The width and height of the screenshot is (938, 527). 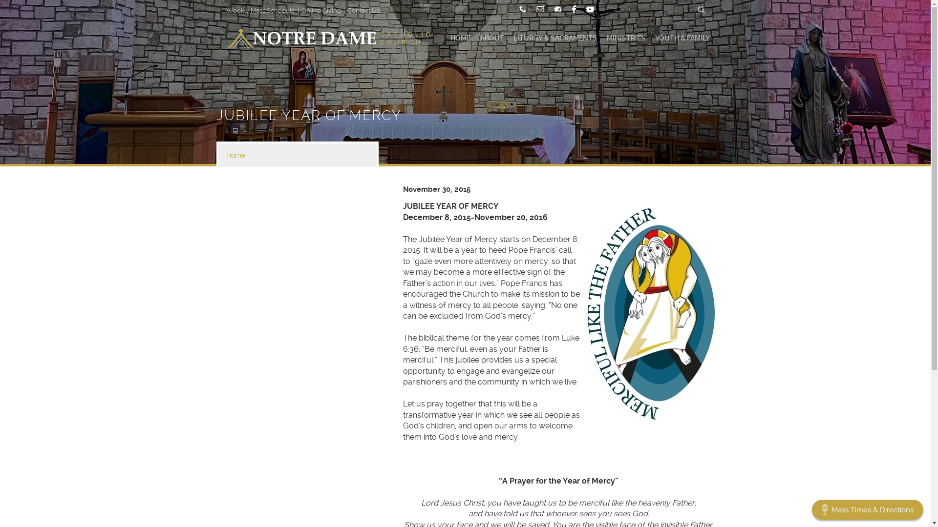 What do you see at coordinates (492, 38) in the screenshot?
I see `'ABOUT'` at bounding box center [492, 38].